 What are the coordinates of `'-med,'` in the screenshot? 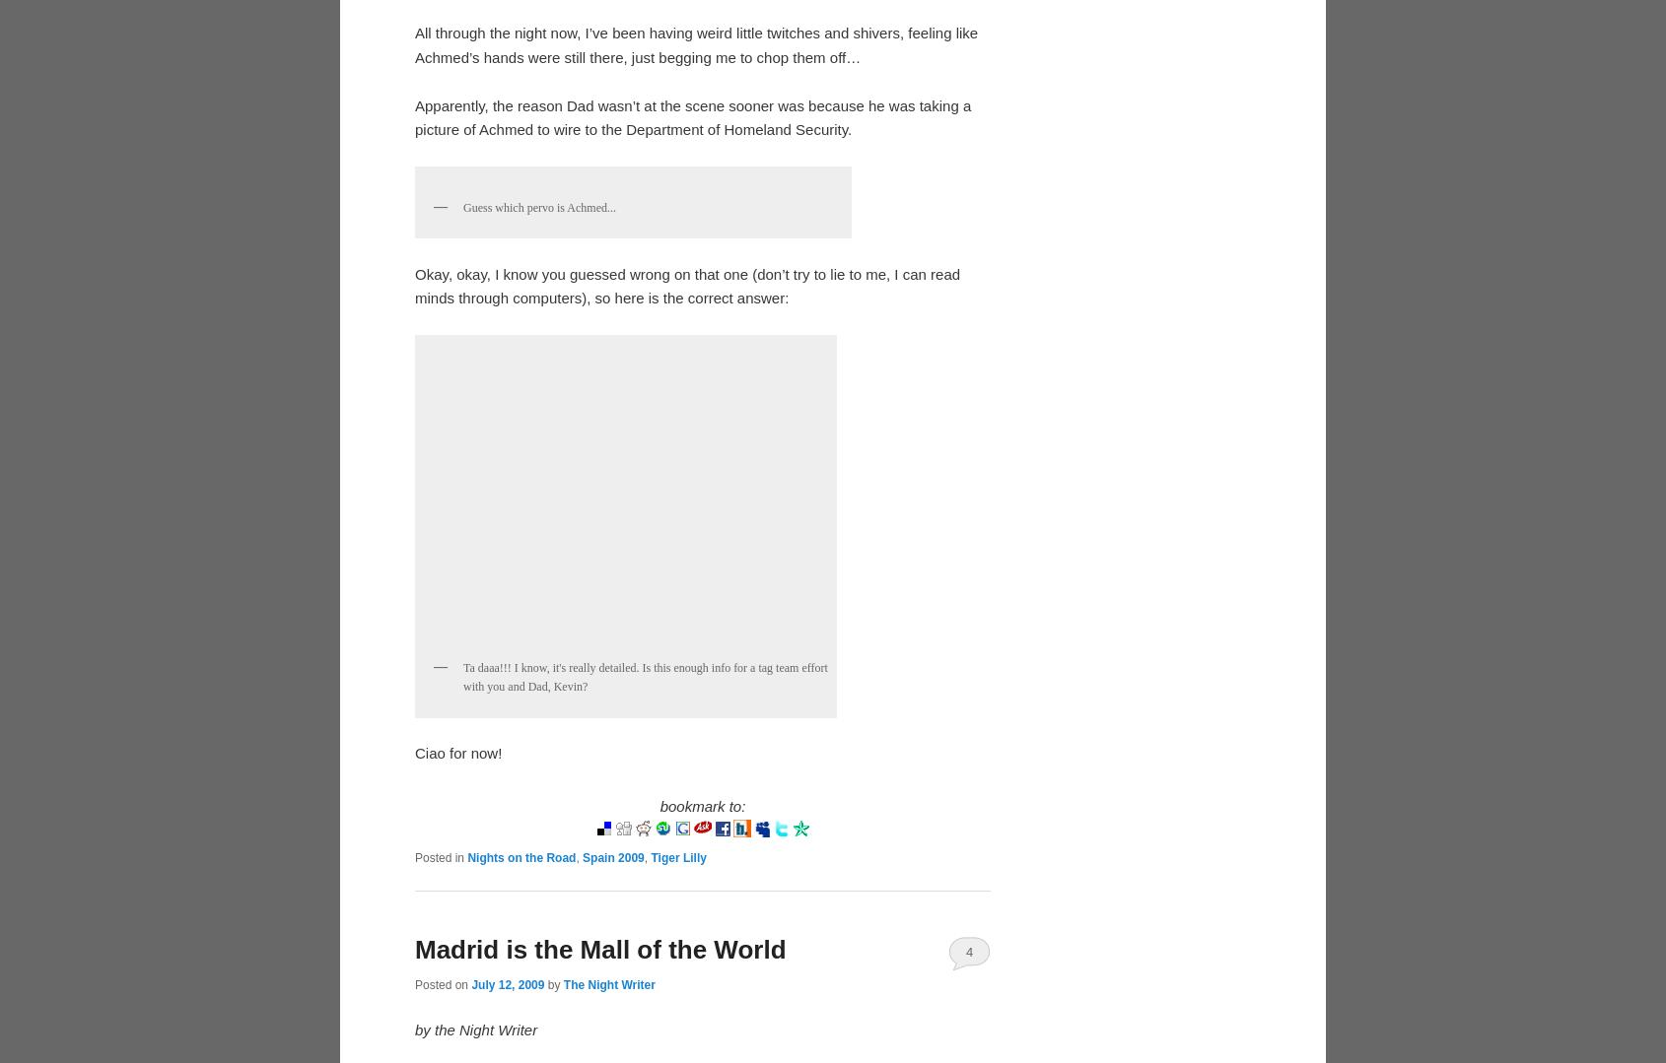 It's located at (695, 31).